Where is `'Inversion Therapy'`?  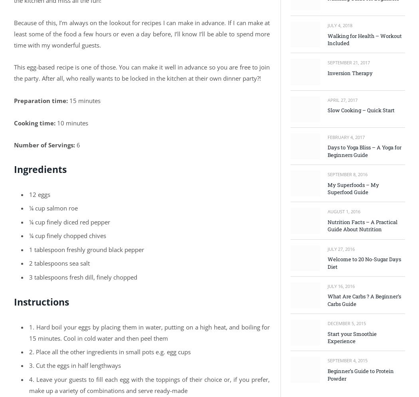
'Inversion Therapy' is located at coordinates (350, 72).